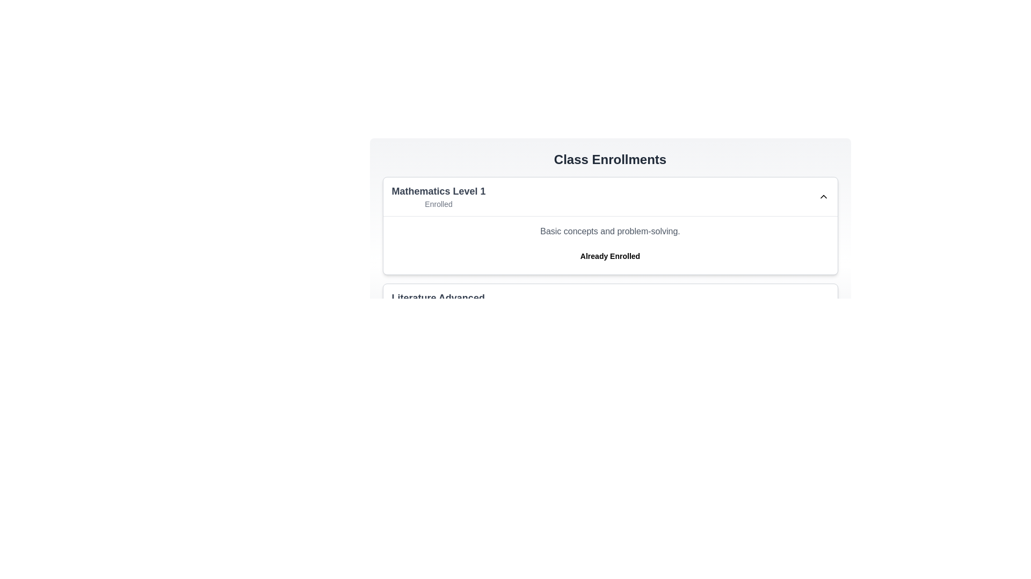 The height and width of the screenshot is (579, 1031). What do you see at coordinates (610, 303) in the screenshot?
I see `the list item with a white background and rounded corners, located below the 'Already Enrolled' section of Mathematics and above 'Physics Exploration', to interact or select it` at bounding box center [610, 303].